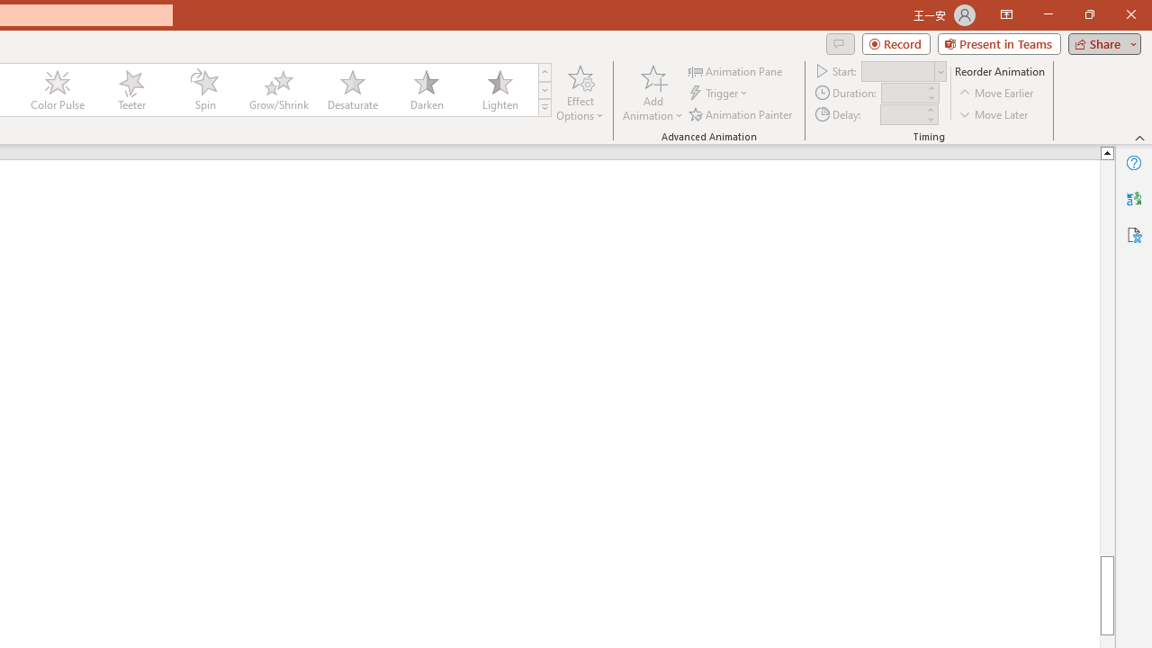 Image resolution: width=1152 pixels, height=648 pixels. What do you see at coordinates (425, 90) in the screenshot?
I see `'Darken'` at bounding box center [425, 90].